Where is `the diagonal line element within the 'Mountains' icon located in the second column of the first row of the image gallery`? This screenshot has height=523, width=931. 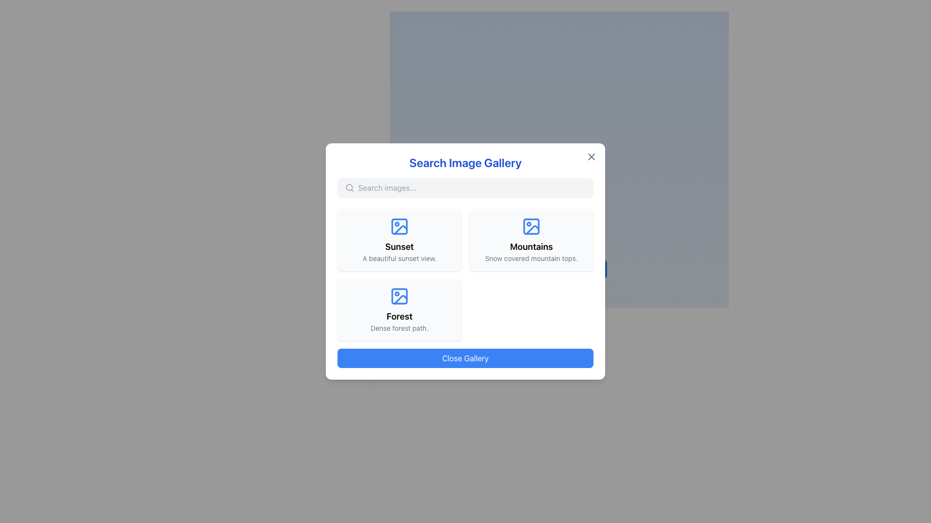 the diagonal line element within the 'Mountains' icon located in the second column of the first row of the image gallery is located at coordinates (532, 230).